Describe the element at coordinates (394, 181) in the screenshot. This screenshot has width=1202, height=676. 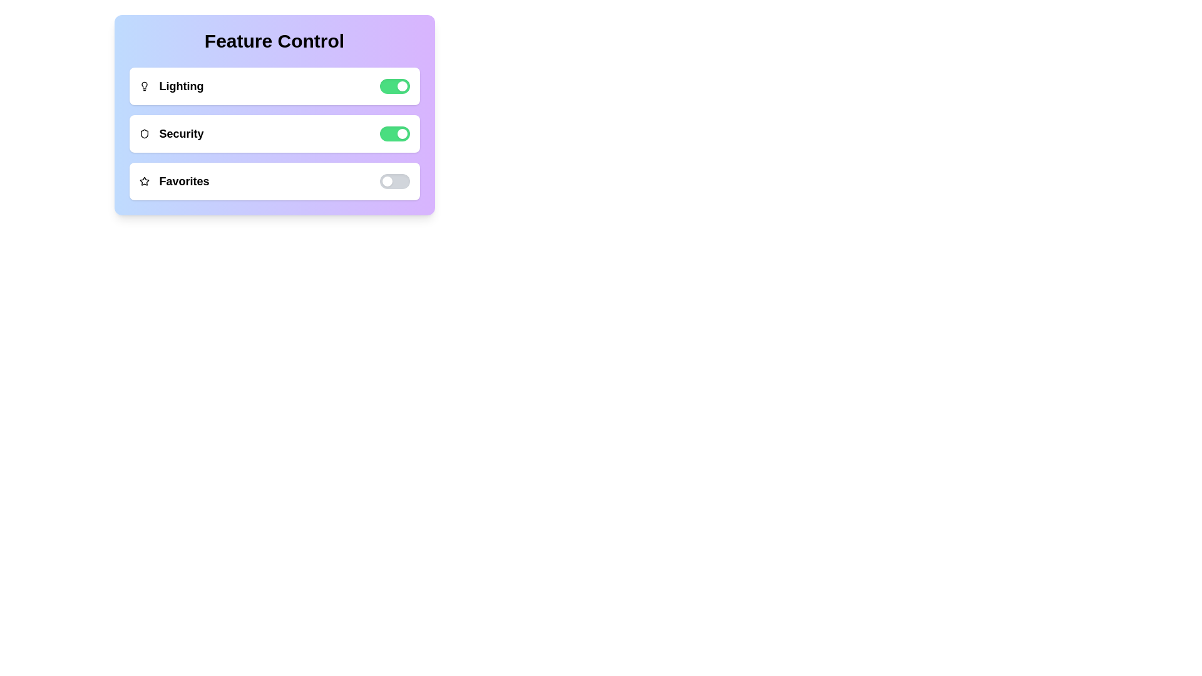
I see `the toggle button for the Favorites setting to change its state` at that location.